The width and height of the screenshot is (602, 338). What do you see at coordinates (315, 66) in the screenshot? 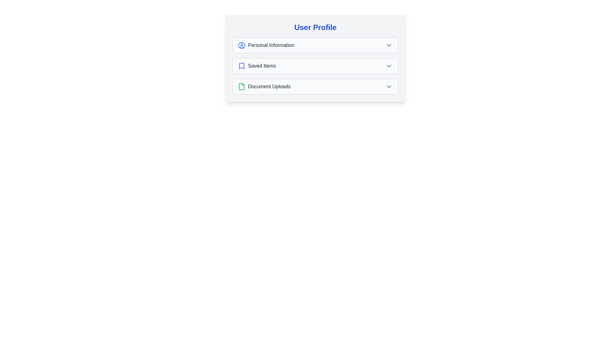
I see `the 'Saved Items' expandable menu item located under the 'User Profile' section` at bounding box center [315, 66].